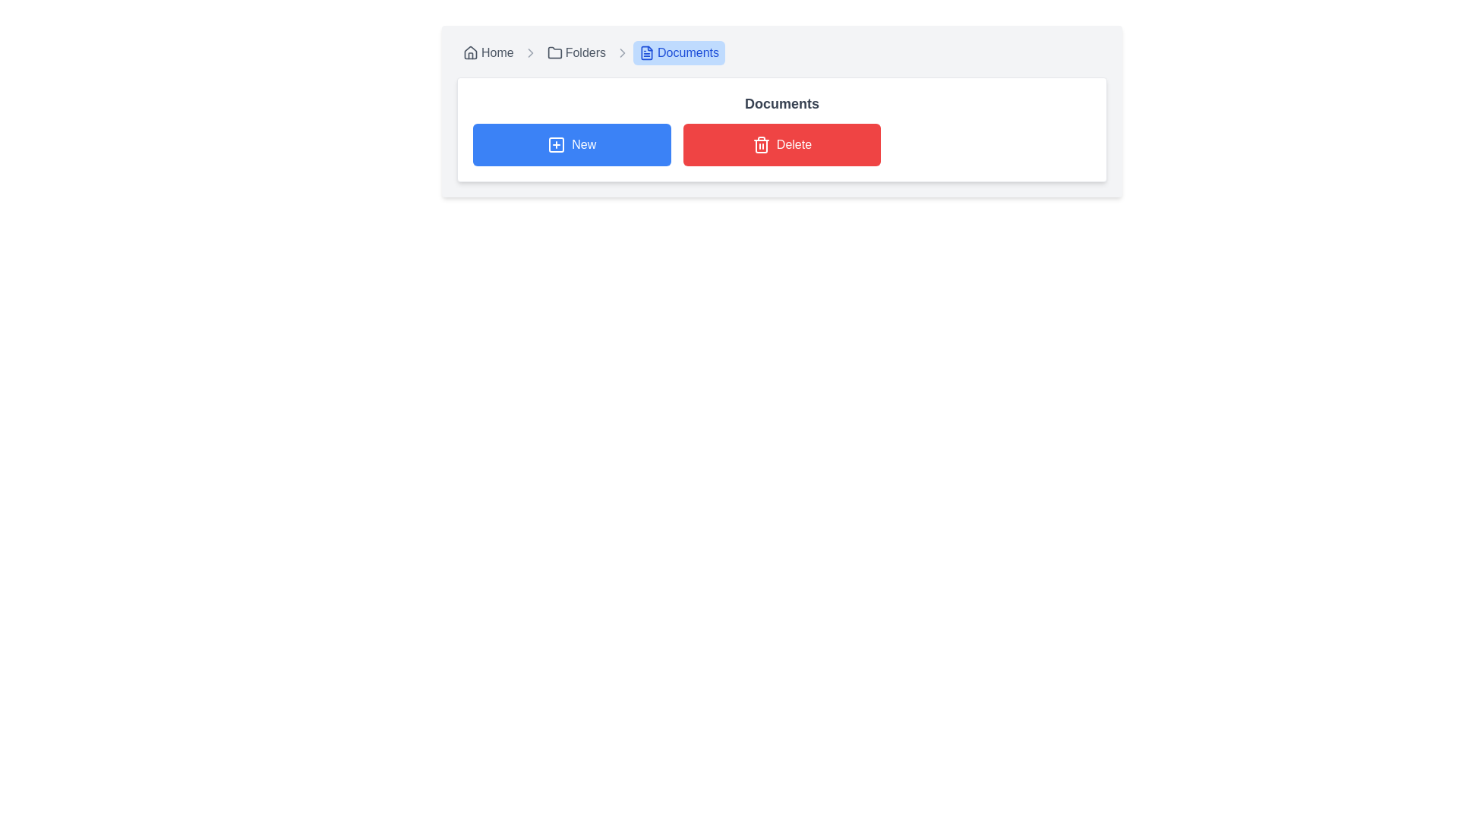 Image resolution: width=1458 pixels, height=820 pixels. What do you see at coordinates (488, 52) in the screenshot?
I see `the home page button located at the top-left section of the breadcrumb navigation bar, which is the first item before 'Folders' and 'Documents'` at bounding box center [488, 52].